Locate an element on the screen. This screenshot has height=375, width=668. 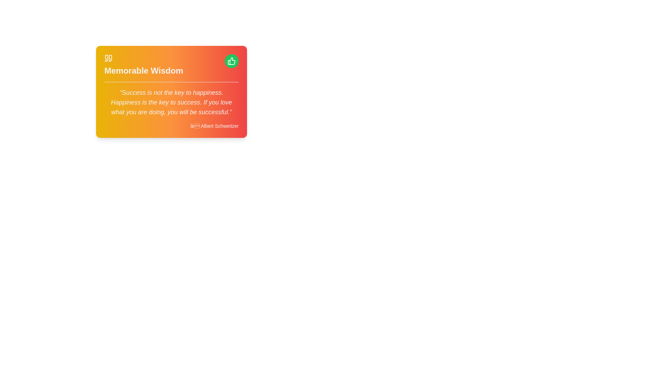
the circular green button with a white thumbs-up icon located in the top-right corner of the 'Memorable Wisdom' card to give a thumbs-up is located at coordinates (232, 61).